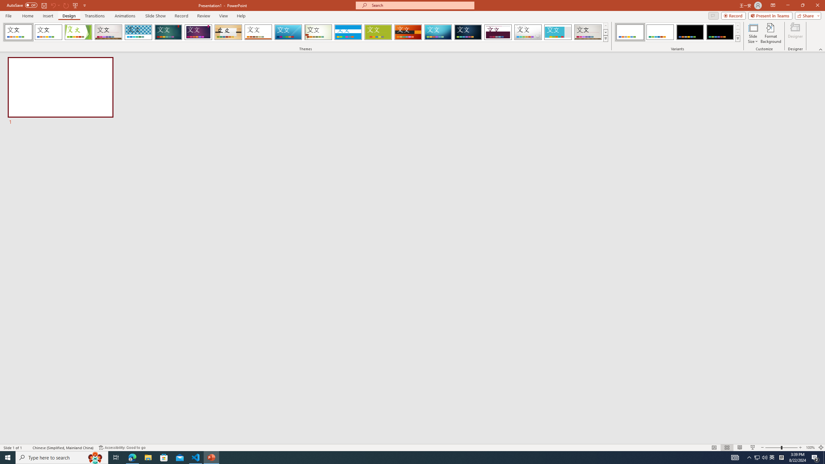 The width and height of the screenshot is (825, 464). I want to click on 'Slice Loading Preview...', so click(288, 32).